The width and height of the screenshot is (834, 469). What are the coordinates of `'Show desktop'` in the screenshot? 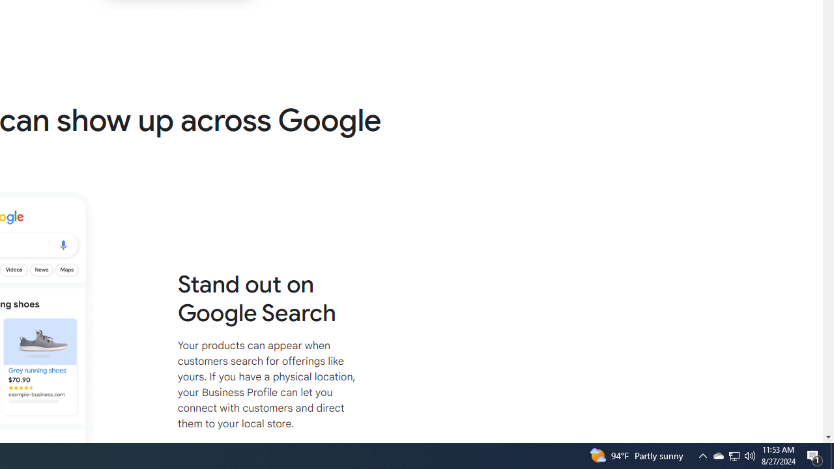 It's located at (831, 455).